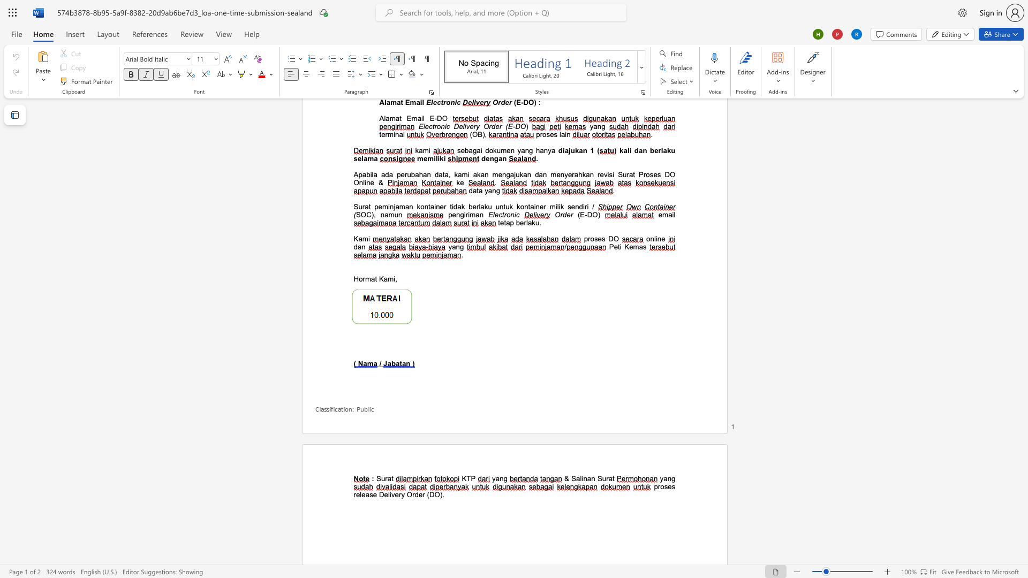  What do you see at coordinates (602, 478) in the screenshot?
I see `the subset text "ura" within the text "& Salinan Surat"` at bounding box center [602, 478].